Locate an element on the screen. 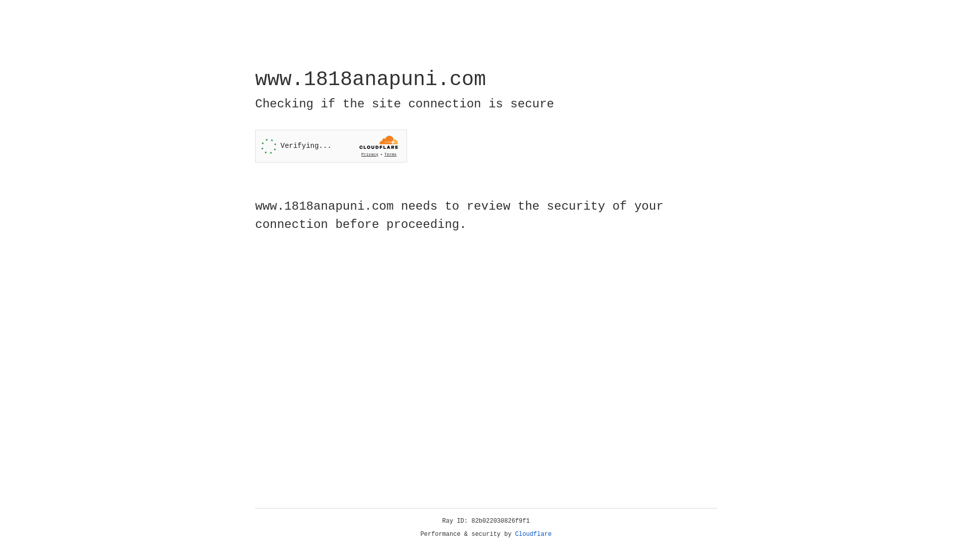 Image resolution: width=972 pixels, height=547 pixels. 'Widget containing a Cloudflare security challenge' is located at coordinates (331, 146).